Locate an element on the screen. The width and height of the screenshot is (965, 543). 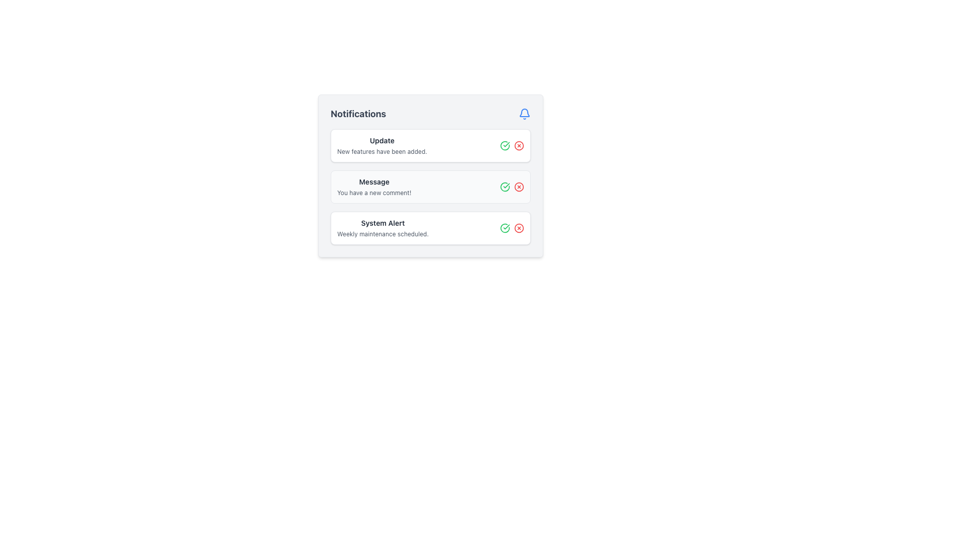
the non-interactive informational text label that provides details regarding the 'Update' notification, located directly below the 'Update' text in the notification card is located at coordinates (381, 151).